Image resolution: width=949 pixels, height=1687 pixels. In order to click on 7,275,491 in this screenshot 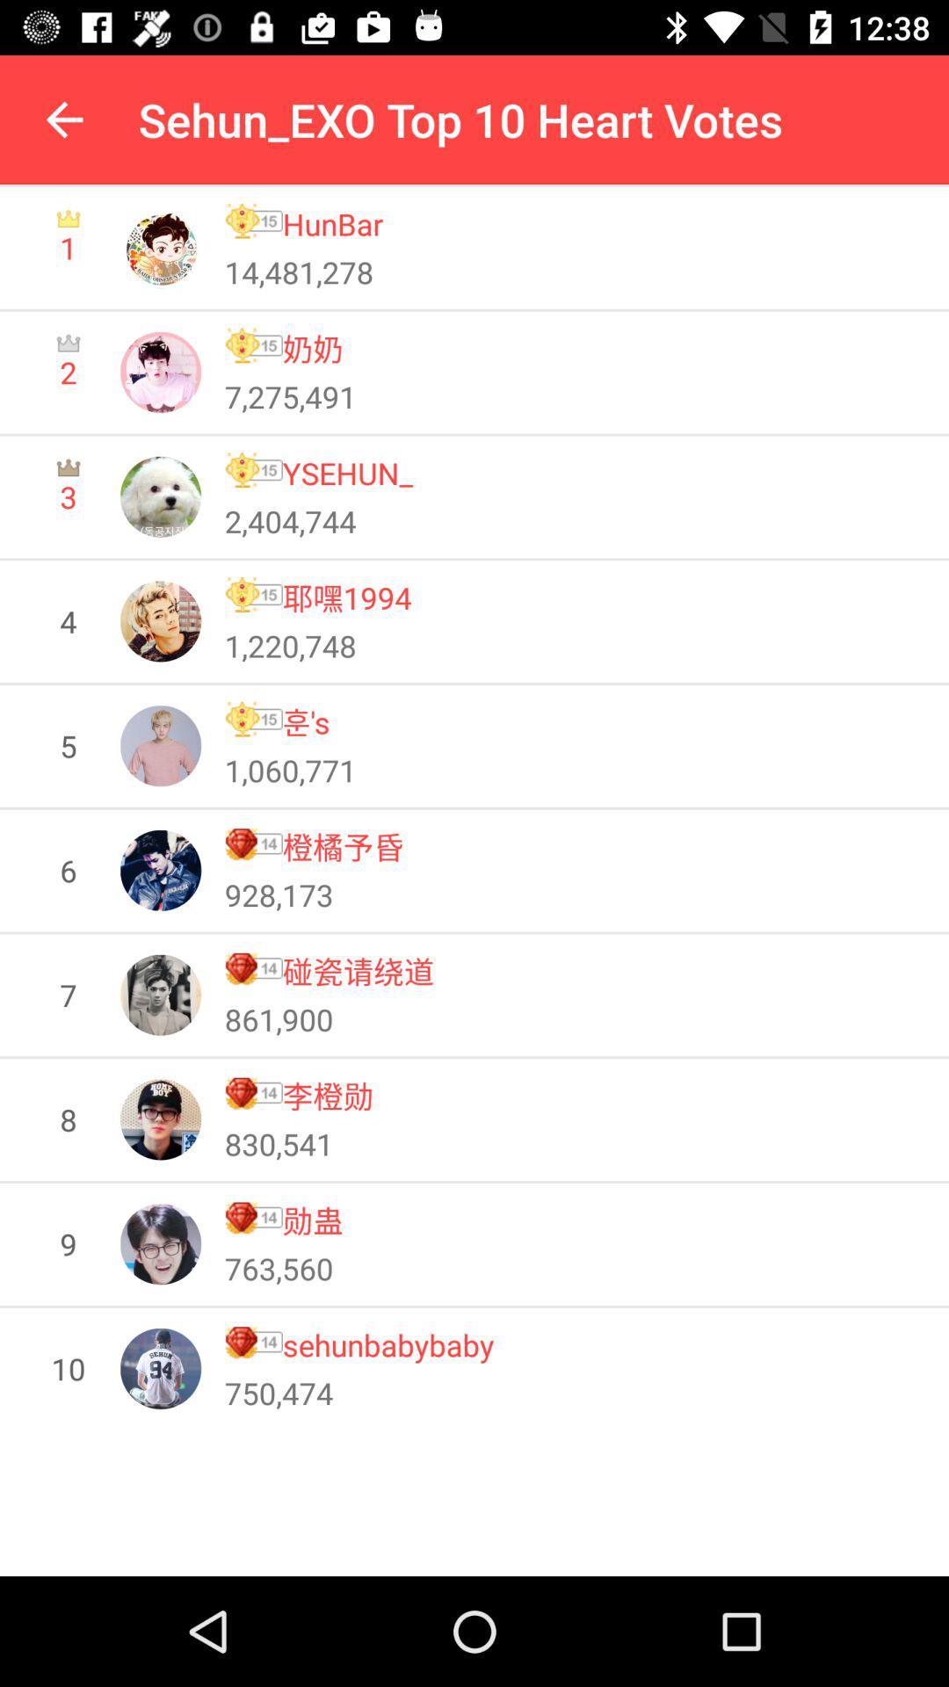, I will do `click(289, 395)`.